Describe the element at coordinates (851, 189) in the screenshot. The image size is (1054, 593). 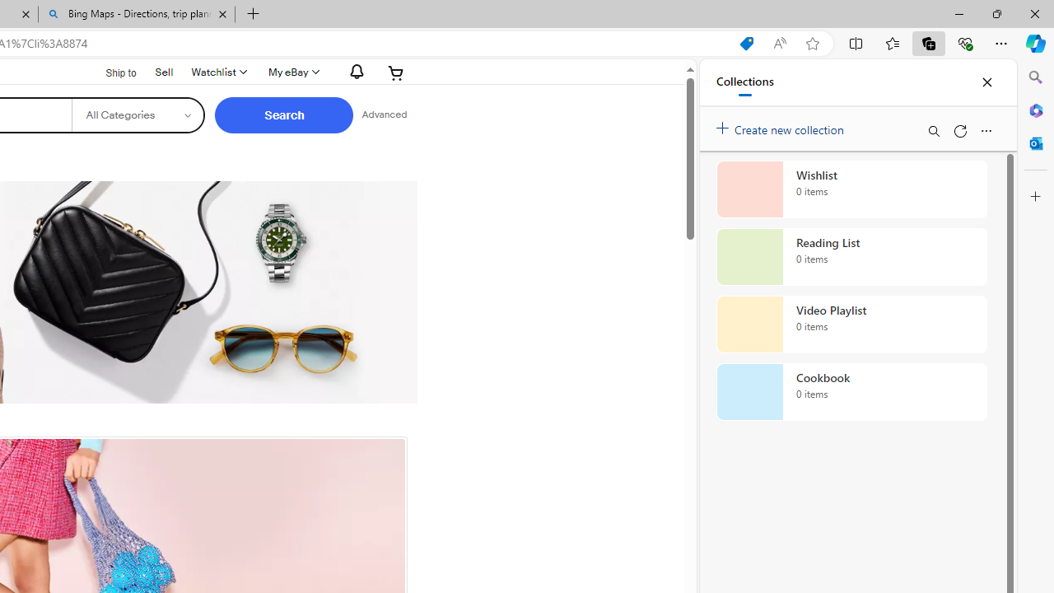
I see `'Wishlist collection, 0 items'` at that location.